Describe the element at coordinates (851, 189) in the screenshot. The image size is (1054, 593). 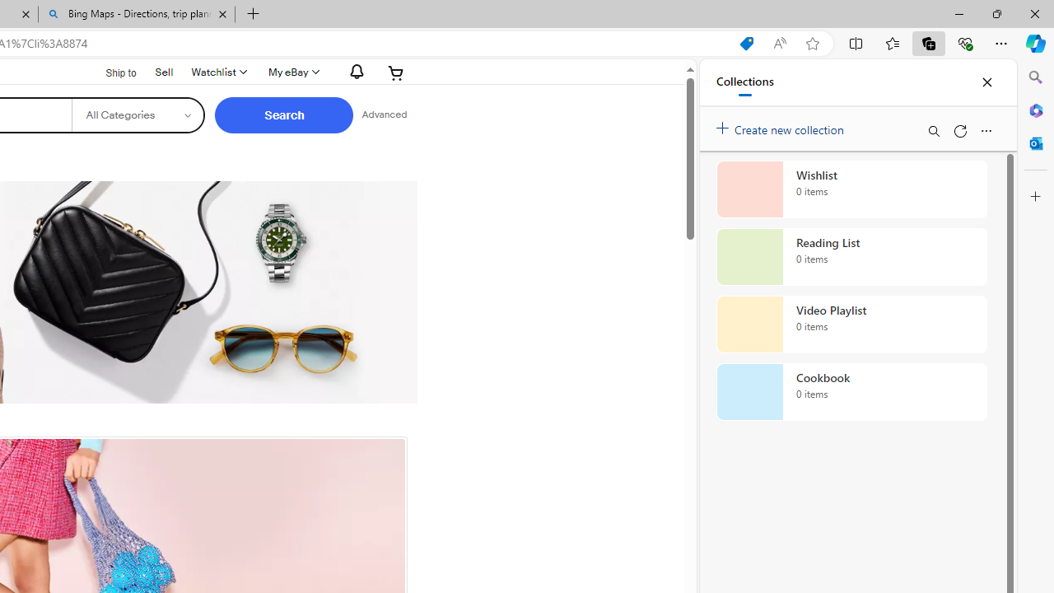
I see `'Wishlist collection, 0 items'` at that location.